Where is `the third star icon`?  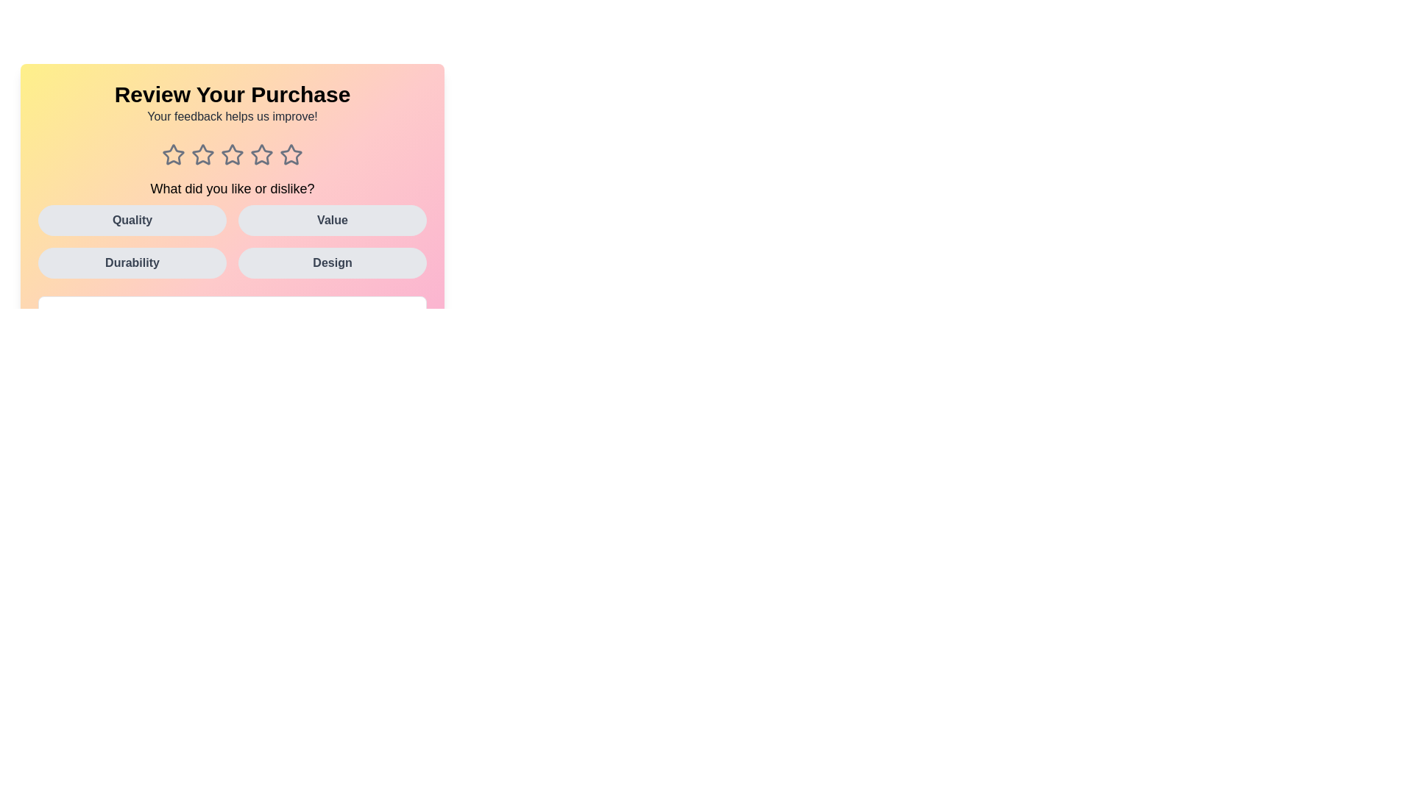 the third star icon is located at coordinates (232, 155).